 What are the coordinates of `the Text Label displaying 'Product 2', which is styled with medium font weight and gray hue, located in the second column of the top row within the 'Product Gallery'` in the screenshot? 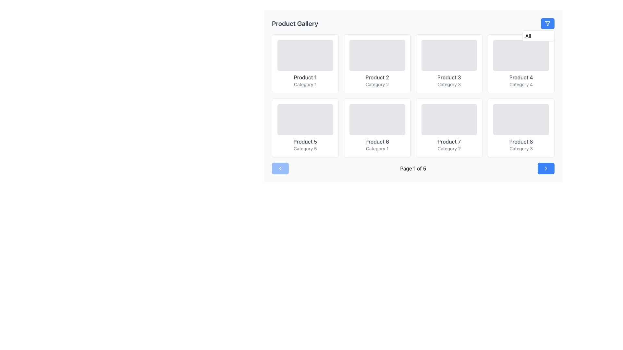 It's located at (377, 77).